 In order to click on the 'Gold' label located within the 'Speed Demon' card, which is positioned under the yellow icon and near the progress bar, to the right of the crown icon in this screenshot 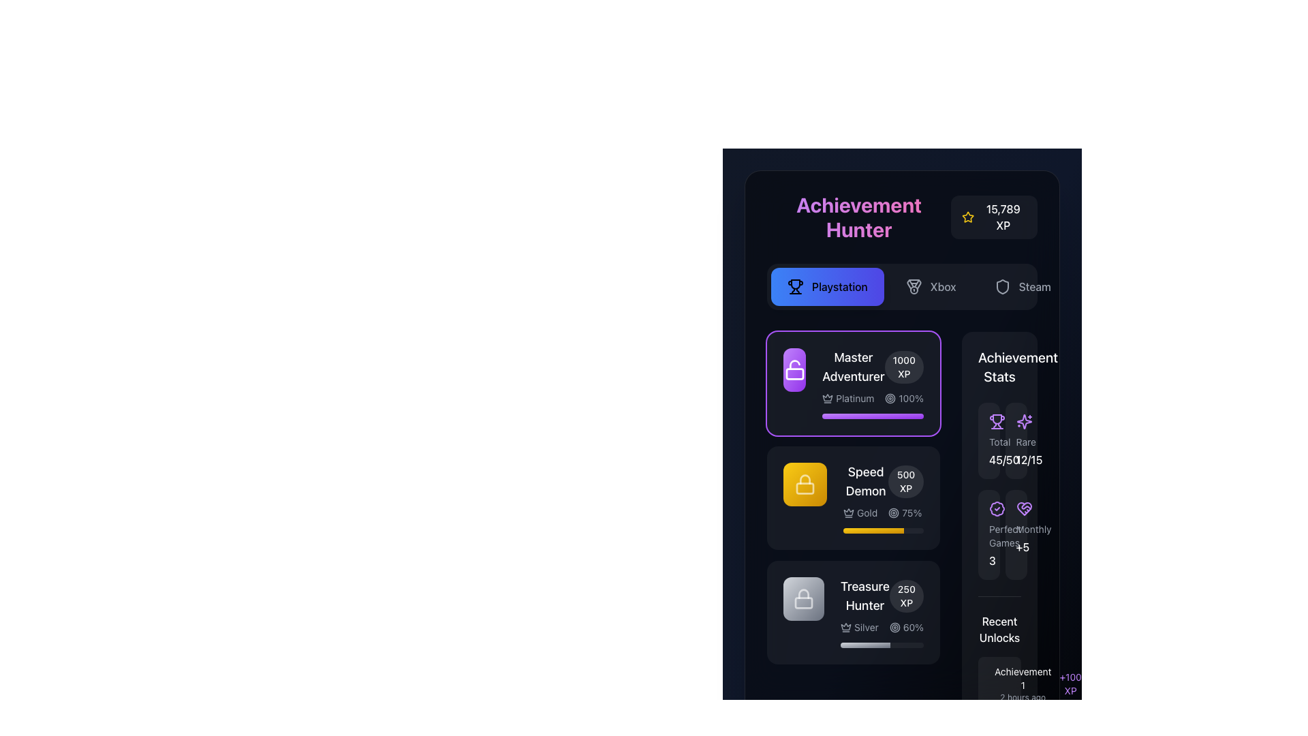, I will do `click(867, 512)`.